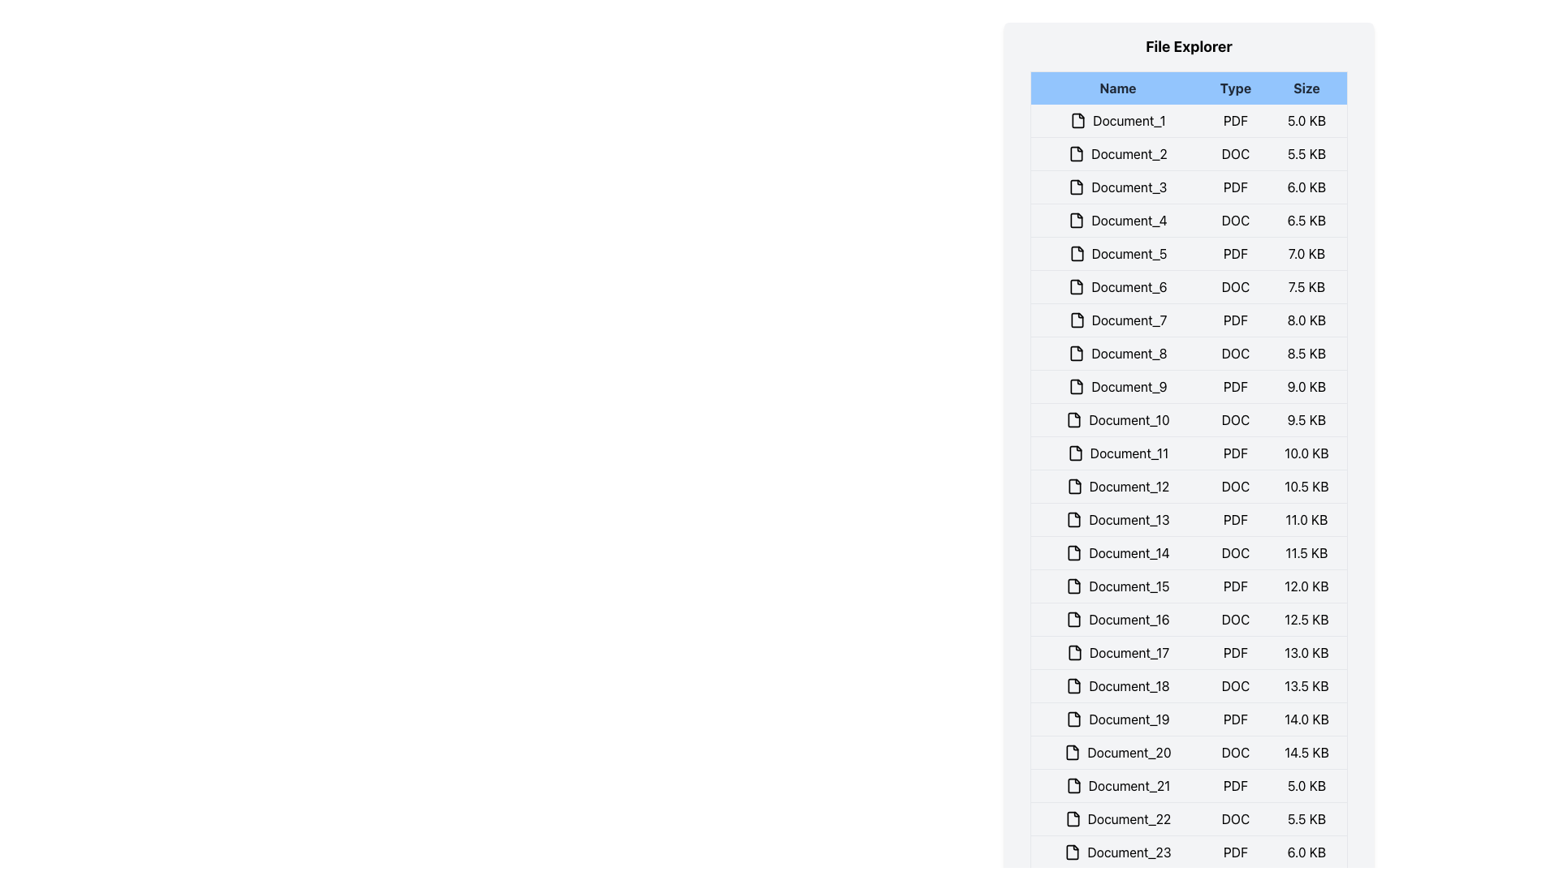 Image resolution: width=1559 pixels, height=876 pixels. What do you see at coordinates (1189, 552) in the screenshot?
I see `the file entry representing 'Document_14' in the file explorer` at bounding box center [1189, 552].